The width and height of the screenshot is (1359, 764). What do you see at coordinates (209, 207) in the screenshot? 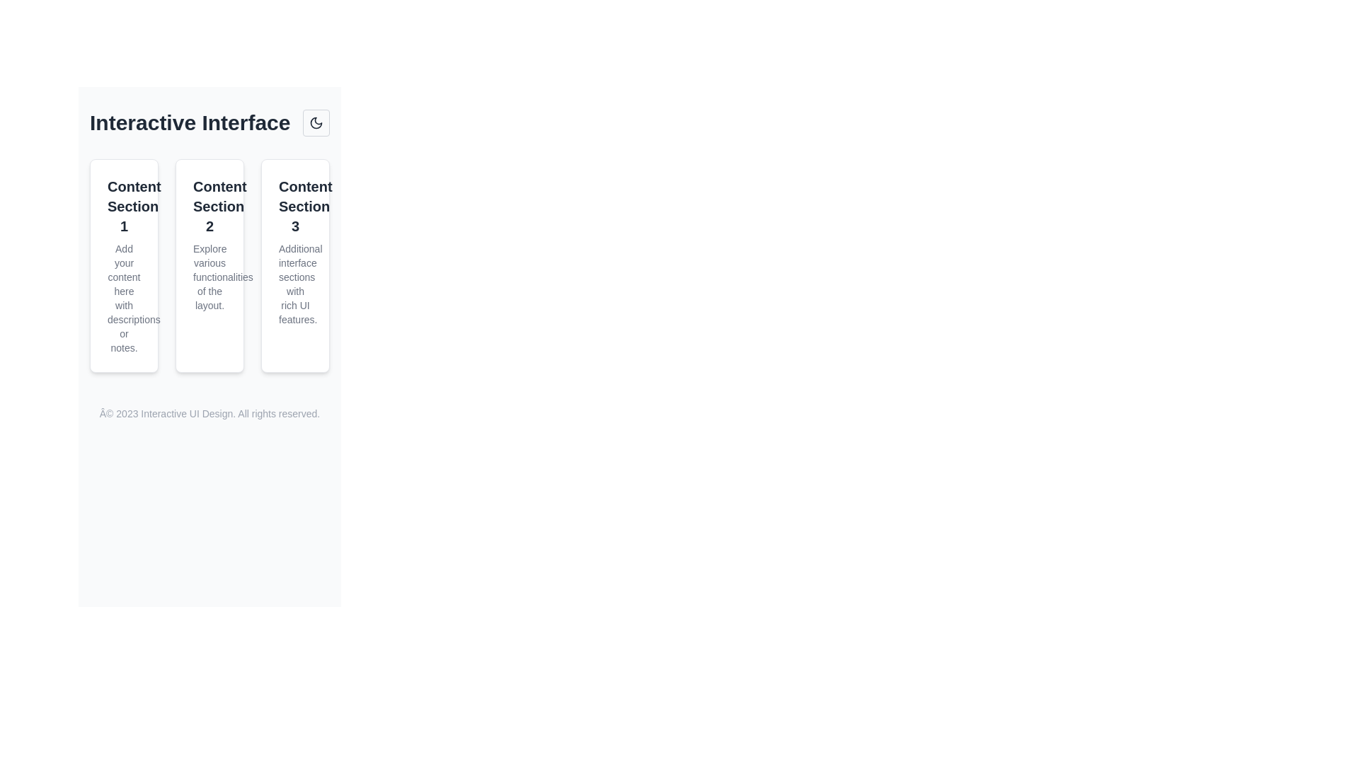
I see `the bold text label that reads 'Content Section 2', which serves as the title for the second content box` at bounding box center [209, 207].